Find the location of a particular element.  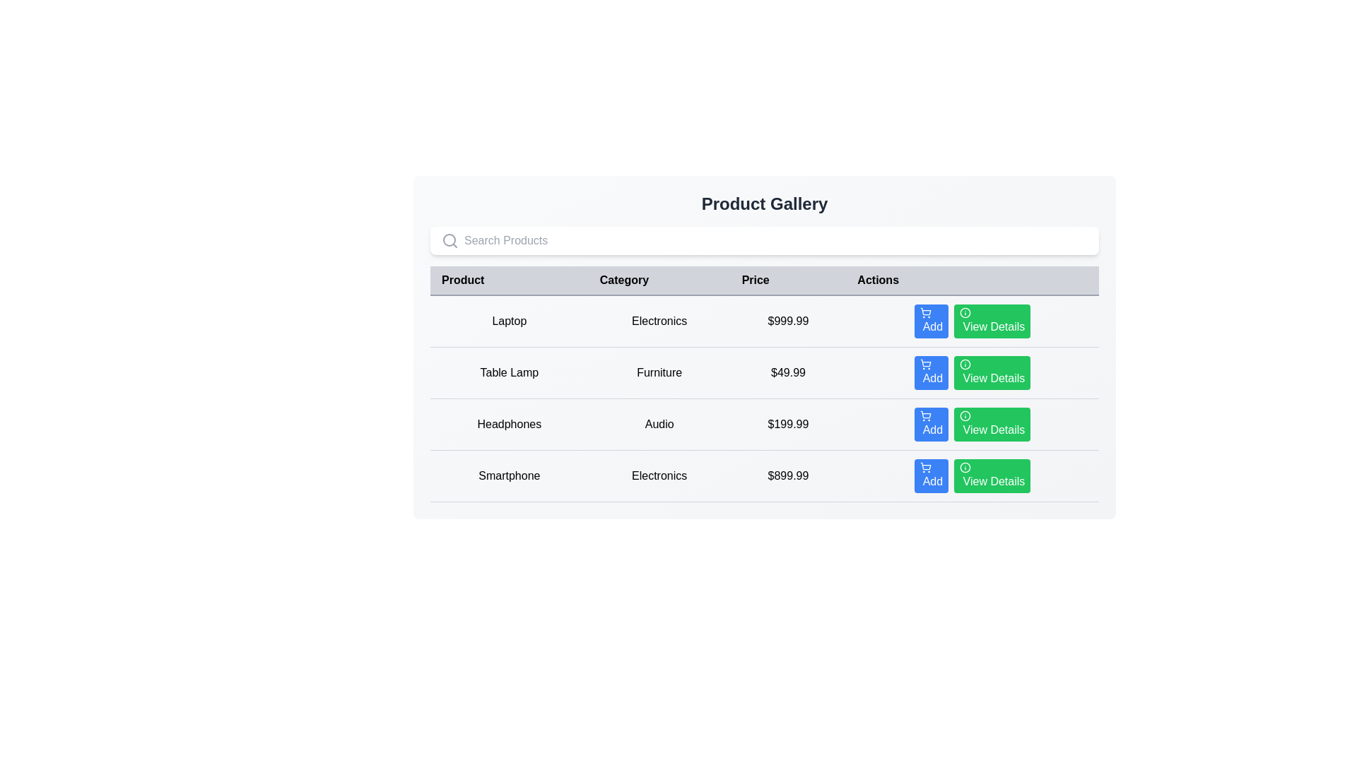

the text label displaying the price '$49.99' in the 'Price' column of the product table, located in the second row adjacent to the 'Table Lamp' product name is located at coordinates (787, 372).